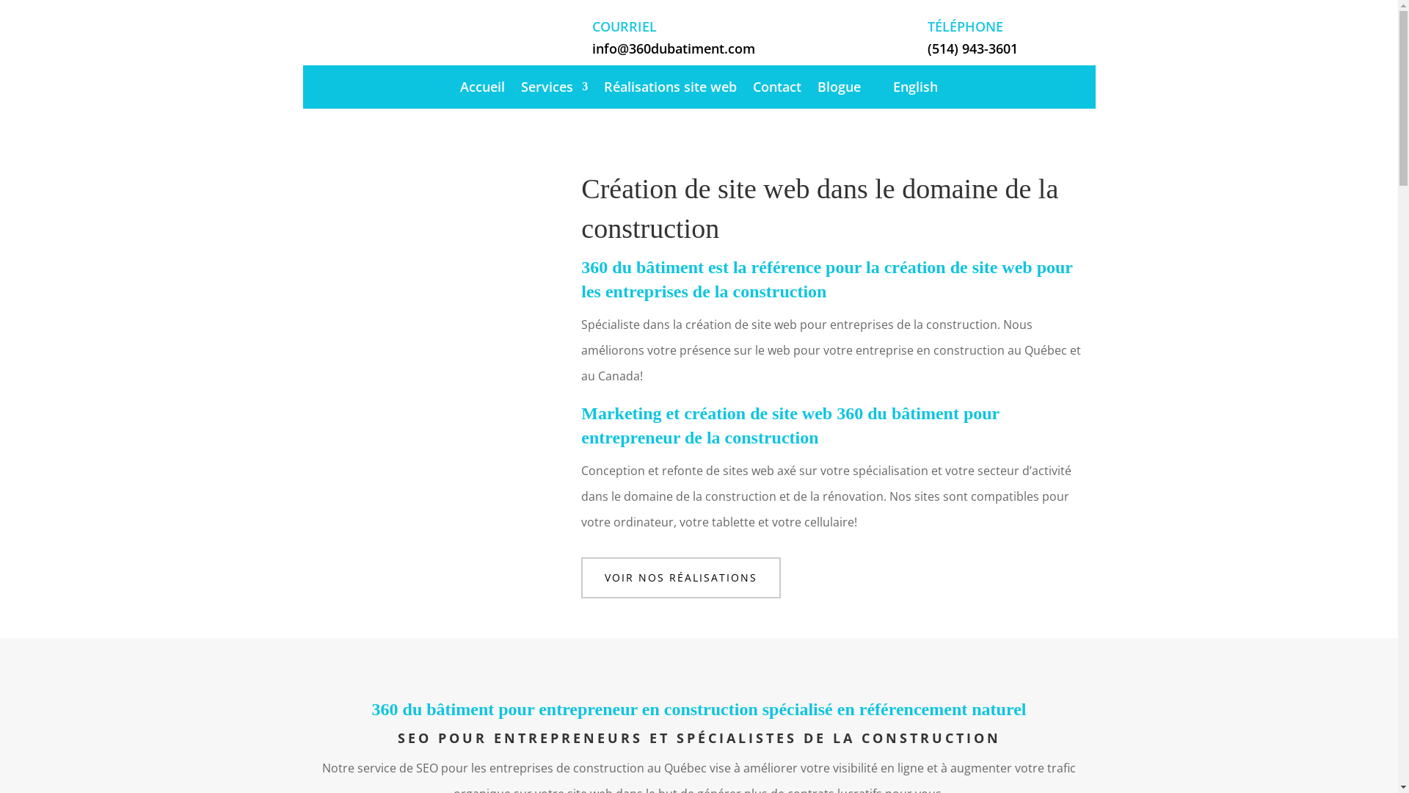  I want to click on 'English', so click(906, 90).